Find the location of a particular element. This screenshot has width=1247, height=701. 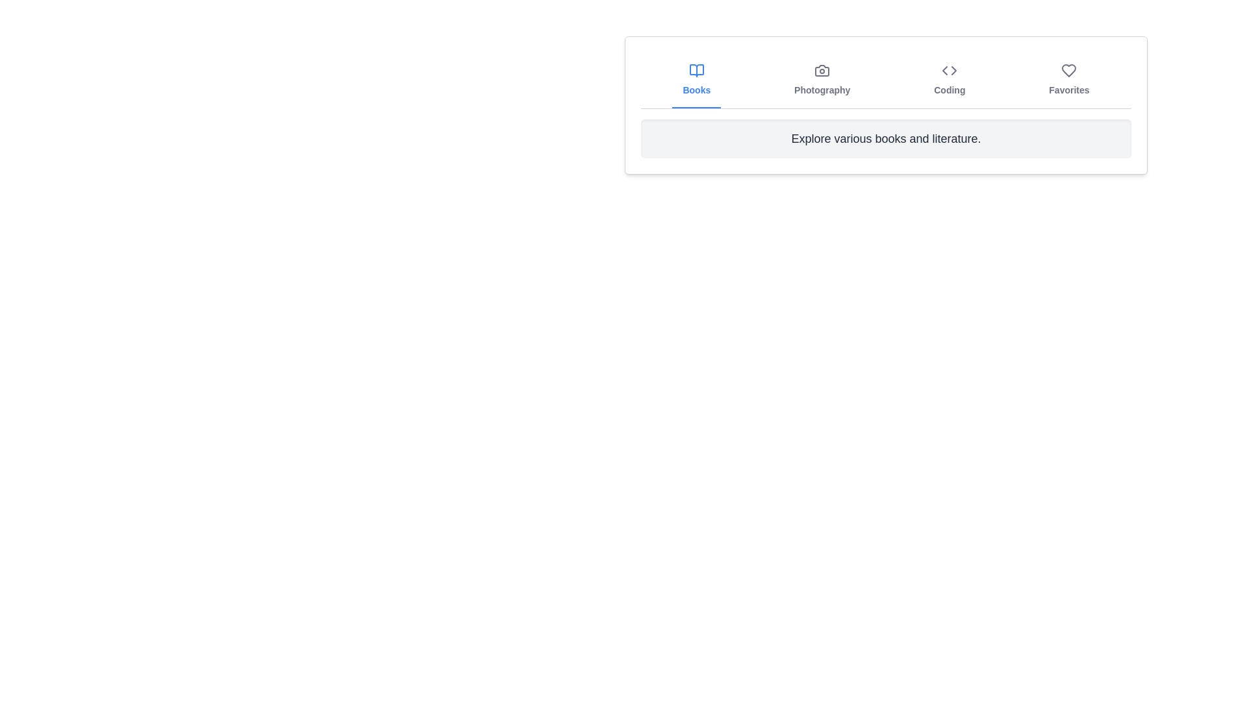

the book-like icon, which features two open symmetrical pages and is located above the text 'Books' in the horizontal menu bar is located at coordinates (696, 70).